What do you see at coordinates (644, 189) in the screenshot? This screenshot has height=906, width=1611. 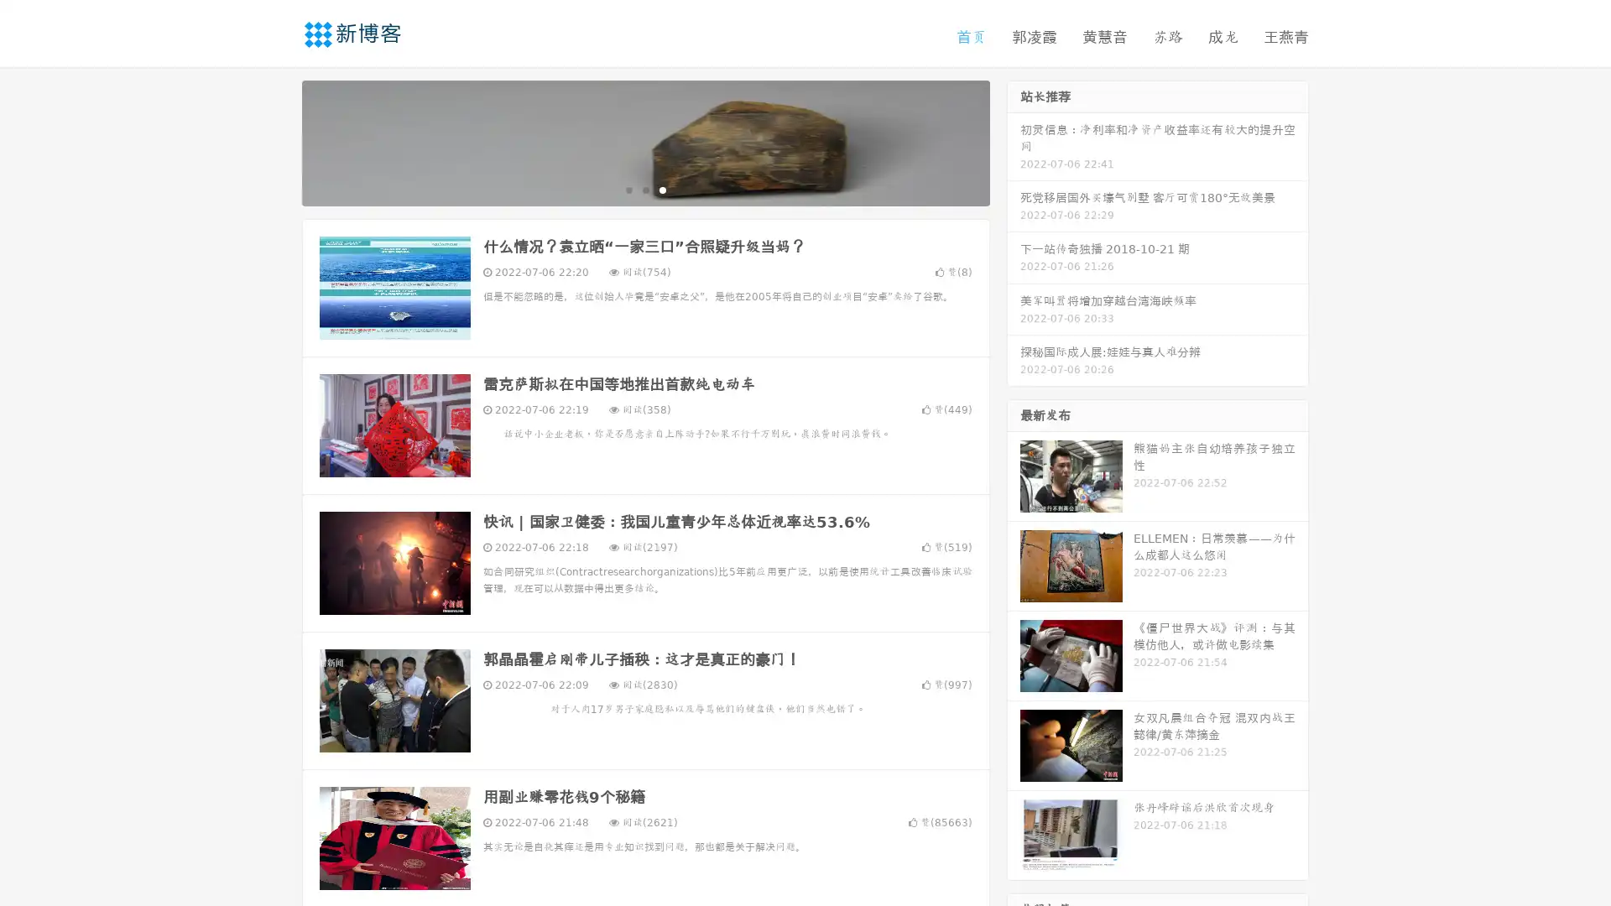 I see `Go to slide 2` at bounding box center [644, 189].